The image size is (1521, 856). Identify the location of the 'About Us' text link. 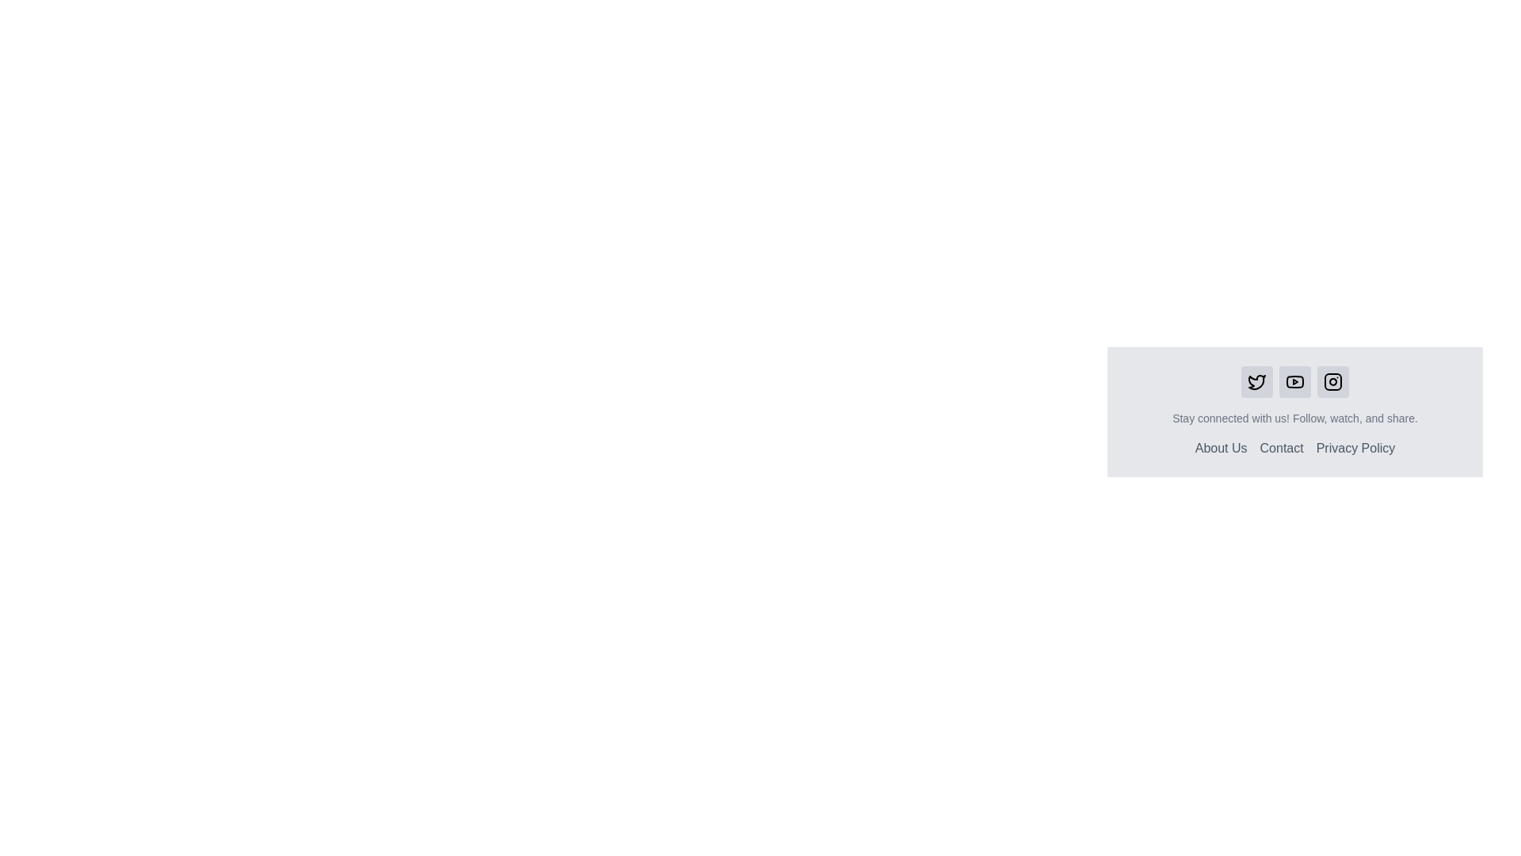
(1220, 449).